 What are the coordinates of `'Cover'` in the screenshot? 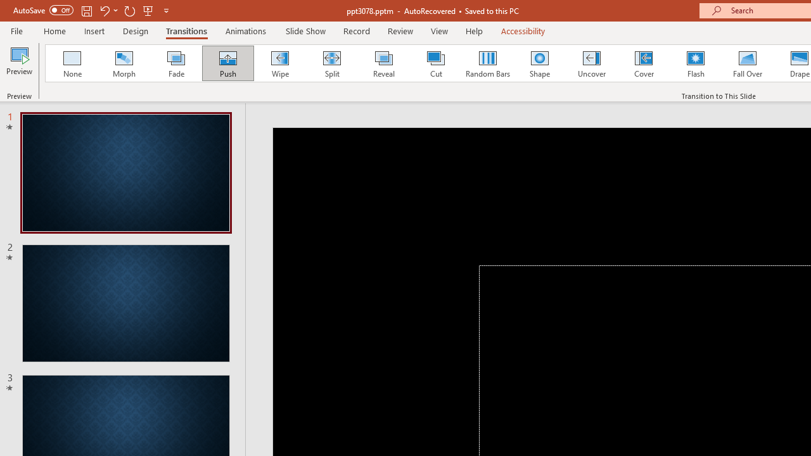 It's located at (644, 63).